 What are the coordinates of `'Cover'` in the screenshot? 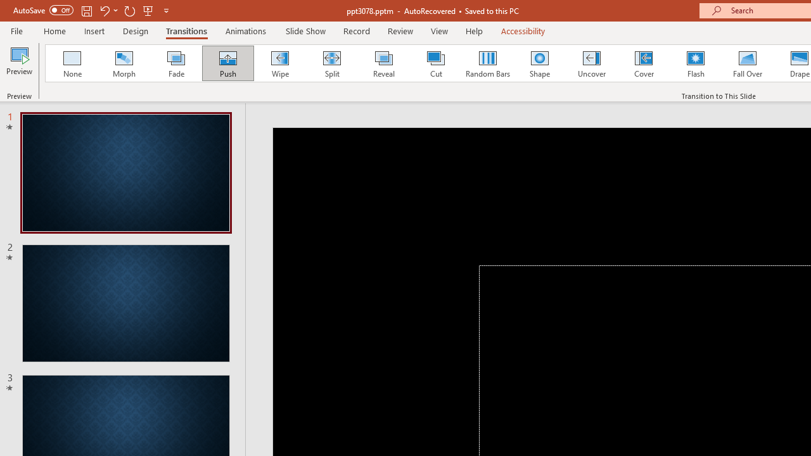 It's located at (644, 63).